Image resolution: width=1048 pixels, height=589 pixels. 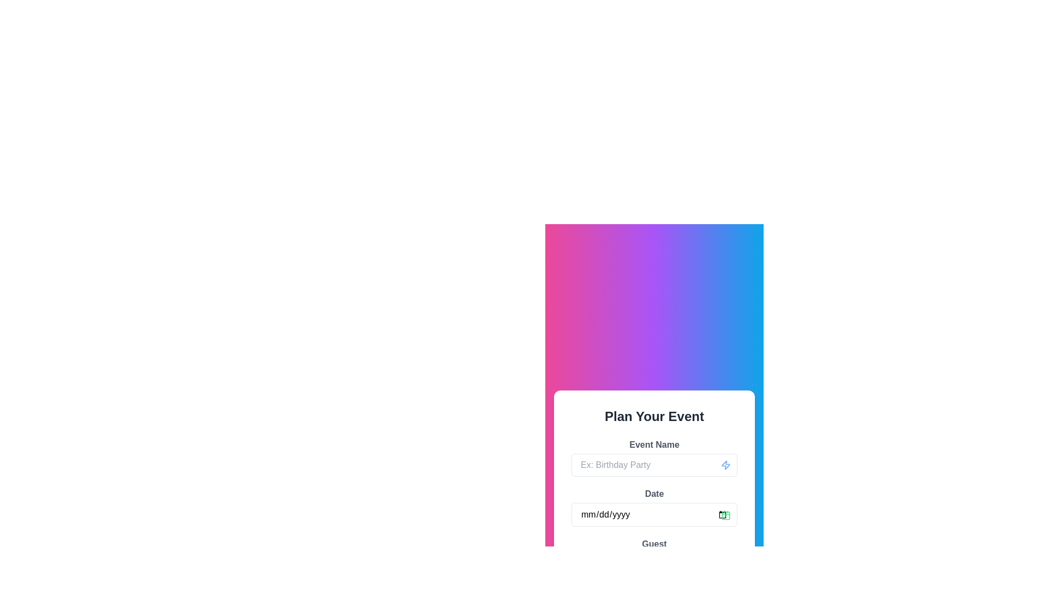 I want to click on the small green calendar icon located at the bottom-right corner of the date input text field, so click(x=725, y=515).